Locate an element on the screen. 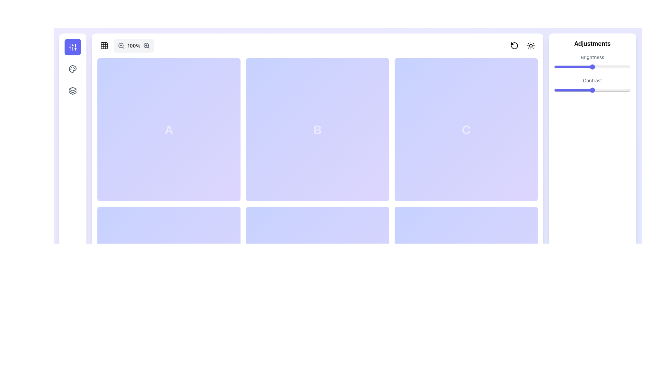  the contrast is located at coordinates (629, 90).